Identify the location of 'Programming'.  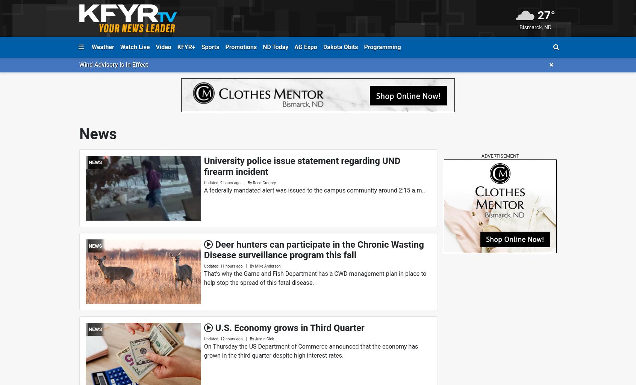
(382, 47).